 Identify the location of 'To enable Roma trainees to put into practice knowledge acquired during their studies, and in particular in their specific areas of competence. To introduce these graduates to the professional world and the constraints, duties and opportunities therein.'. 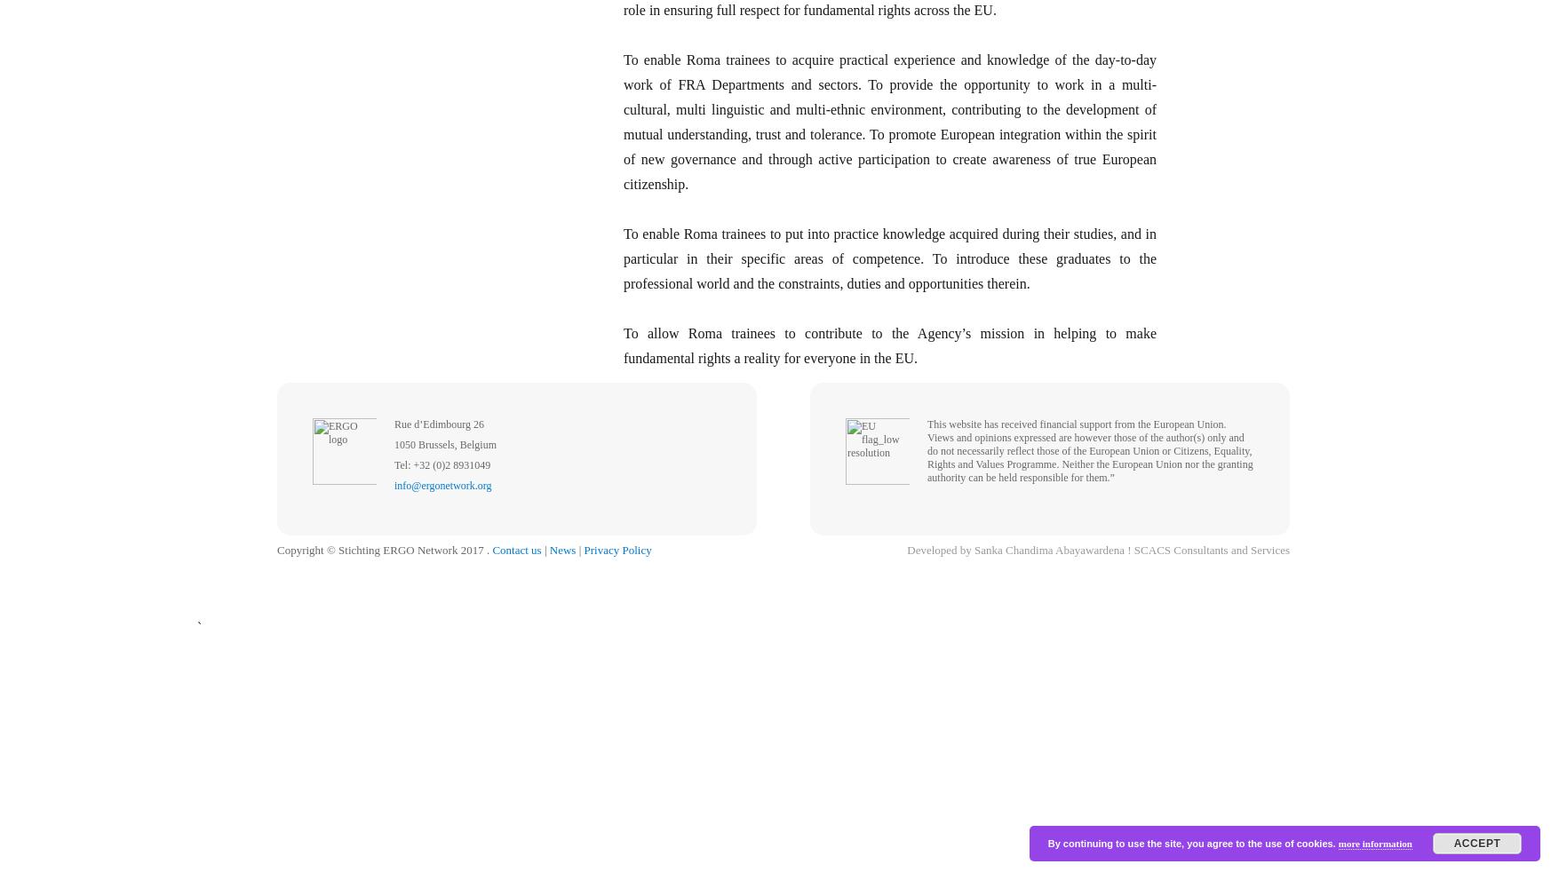
(889, 258).